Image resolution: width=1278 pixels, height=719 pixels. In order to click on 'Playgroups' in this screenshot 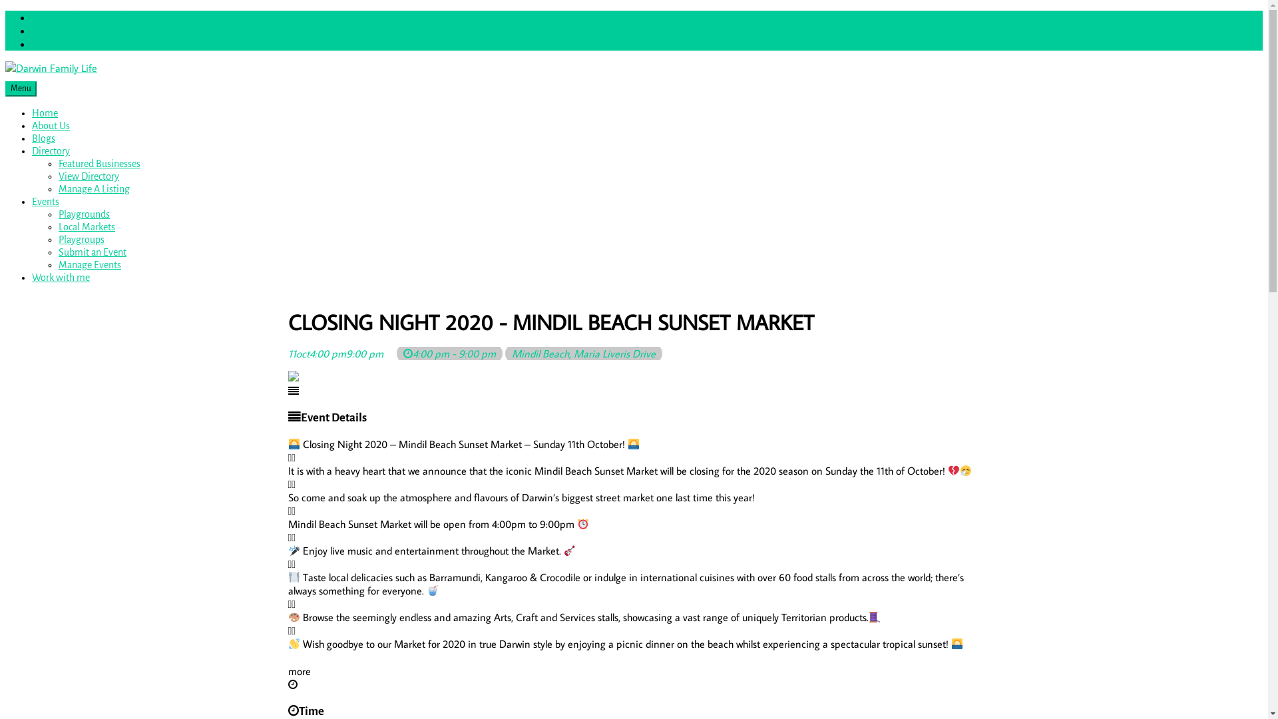, I will do `click(57, 238)`.